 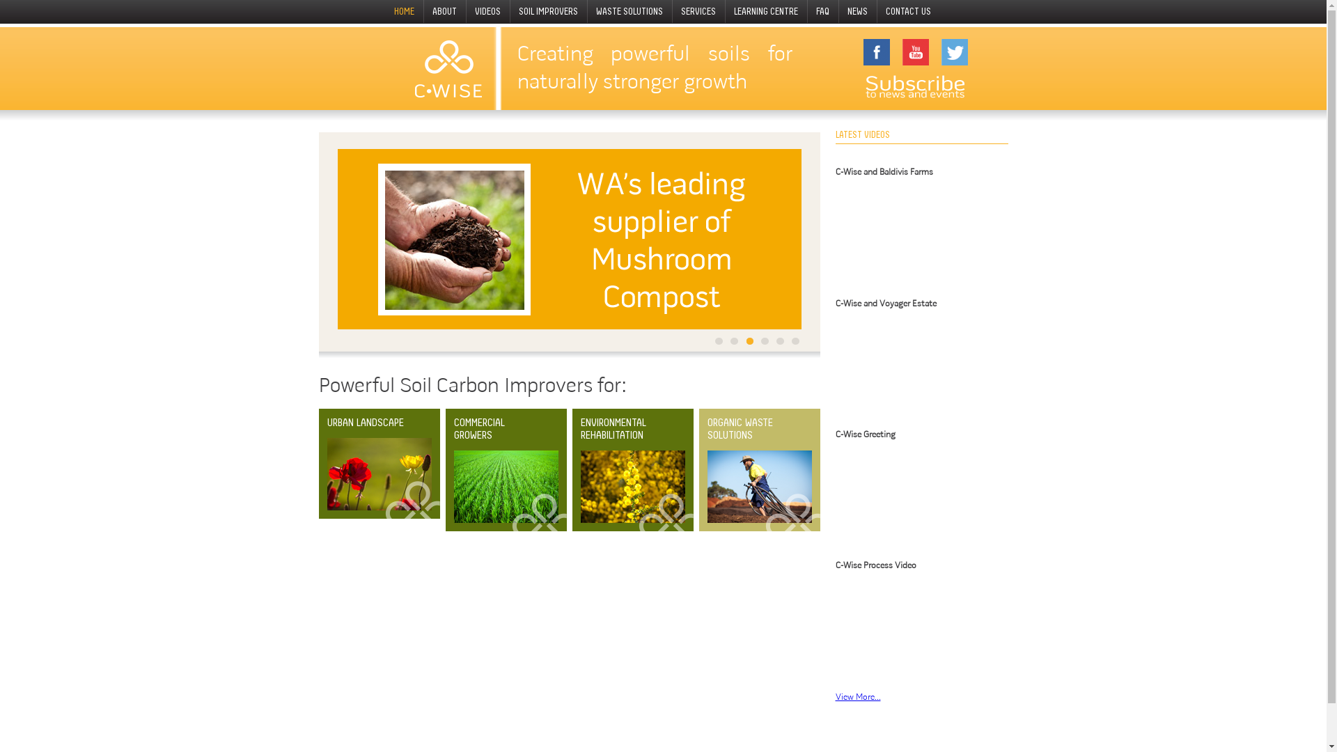 I want to click on 'HOME', so click(x=385, y=11).